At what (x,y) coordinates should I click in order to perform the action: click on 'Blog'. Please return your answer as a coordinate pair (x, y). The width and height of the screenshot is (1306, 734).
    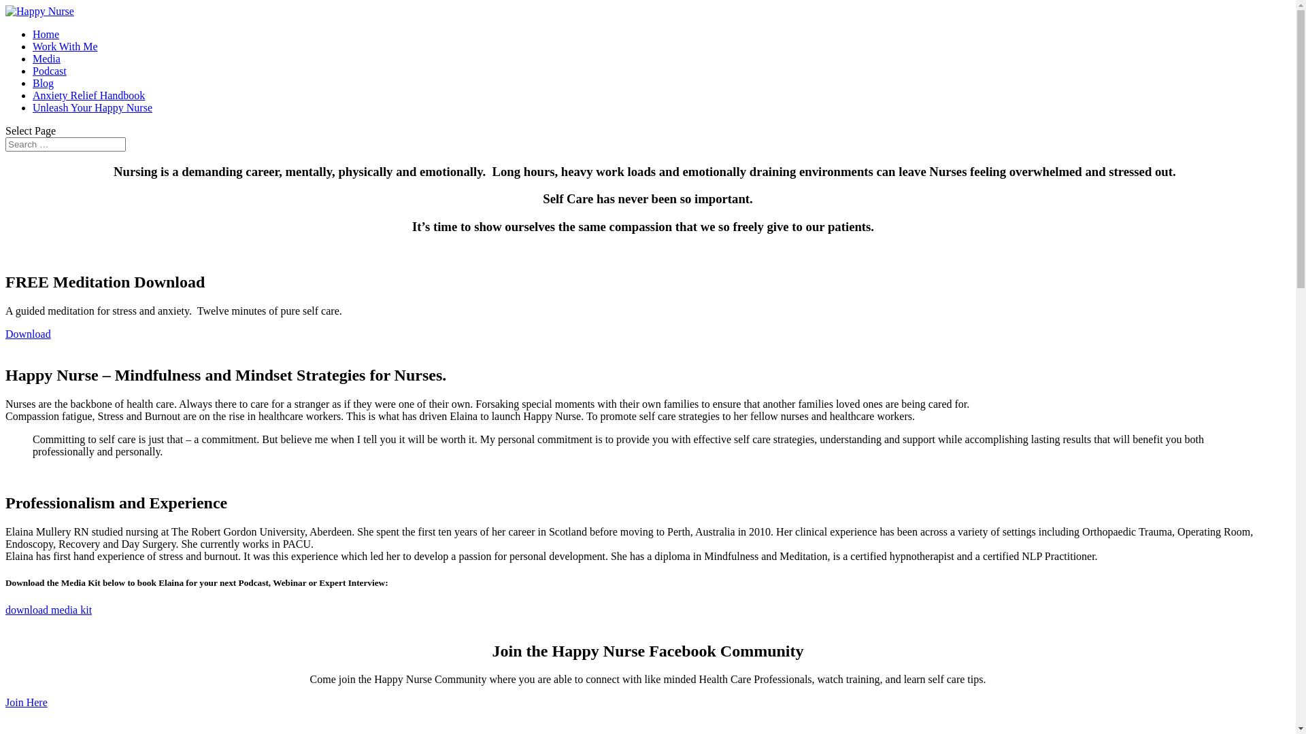
    Looking at the image, I should click on (43, 83).